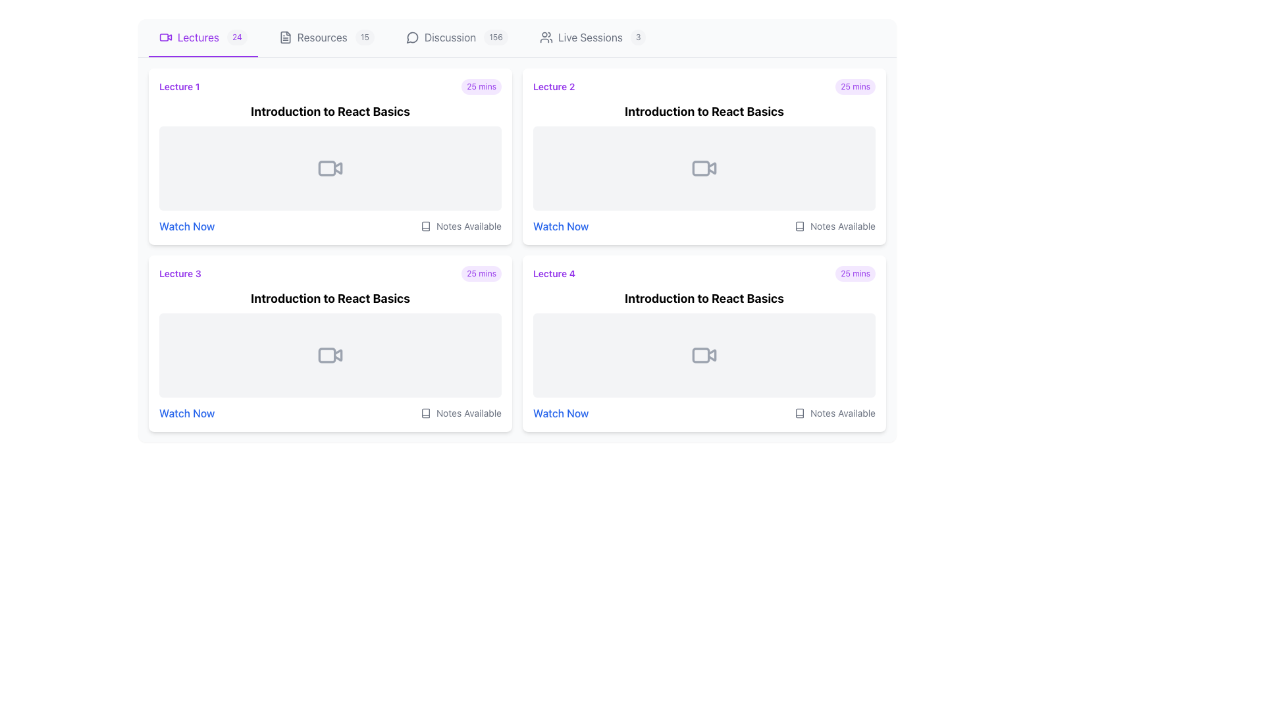 Image resolution: width=1264 pixels, height=711 pixels. Describe the element at coordinates (322, 37) in the screenshot. I see `the 'Resources' text label in the top navigation bar` at that location.